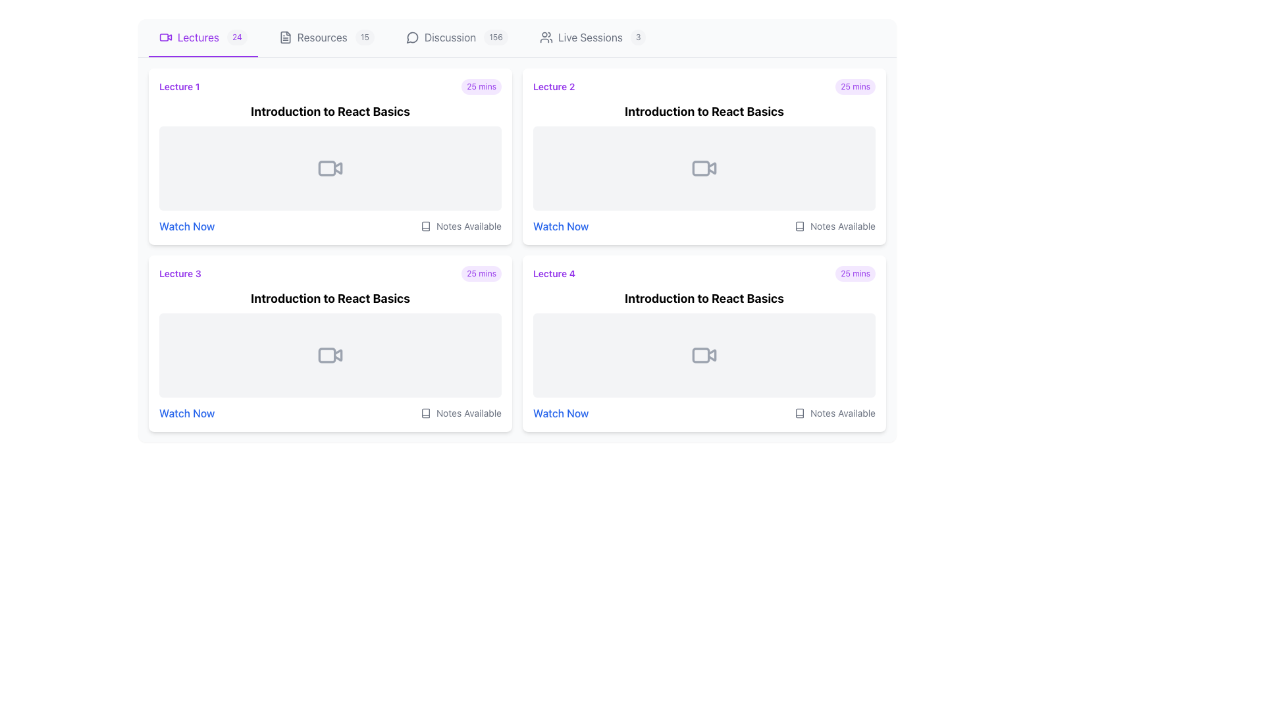 Image resolution: width=1264 pixels, height=711 pixels. Describe the element at coordinates (322, 37) in the screenshot. I see `the 'Resources' text label in the top navigation bar` at that location.